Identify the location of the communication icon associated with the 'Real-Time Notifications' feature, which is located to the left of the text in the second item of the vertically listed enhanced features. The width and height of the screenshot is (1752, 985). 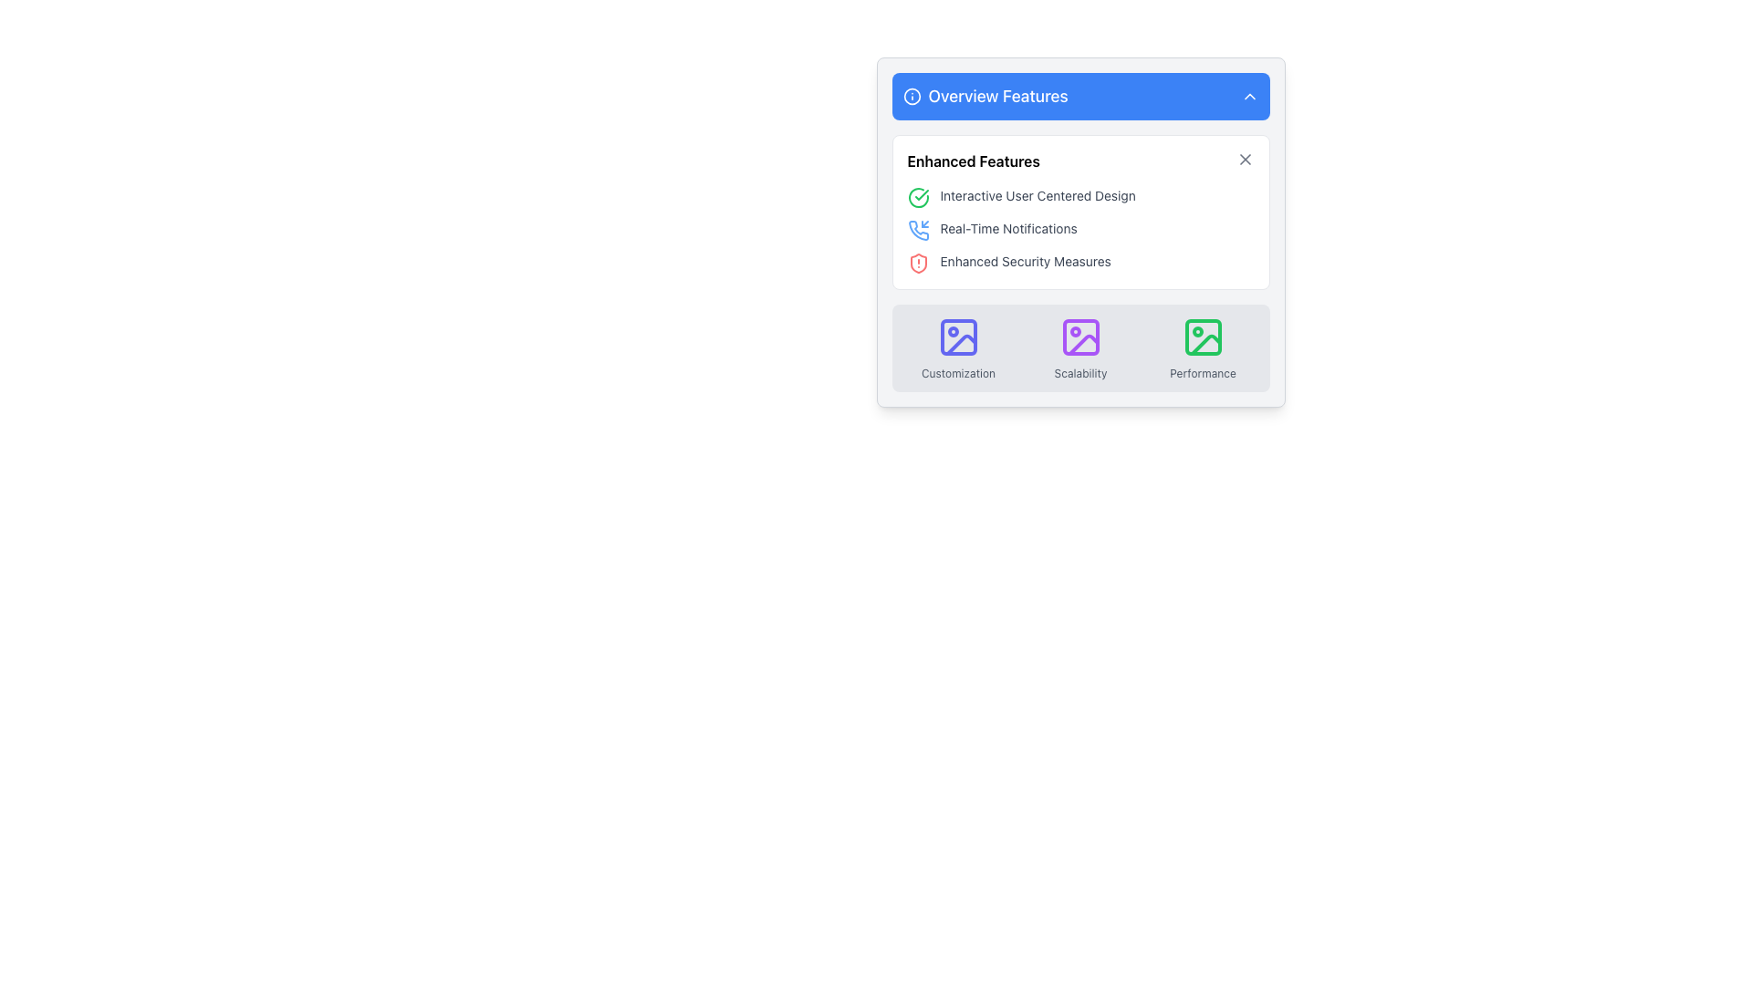
(918, 229).